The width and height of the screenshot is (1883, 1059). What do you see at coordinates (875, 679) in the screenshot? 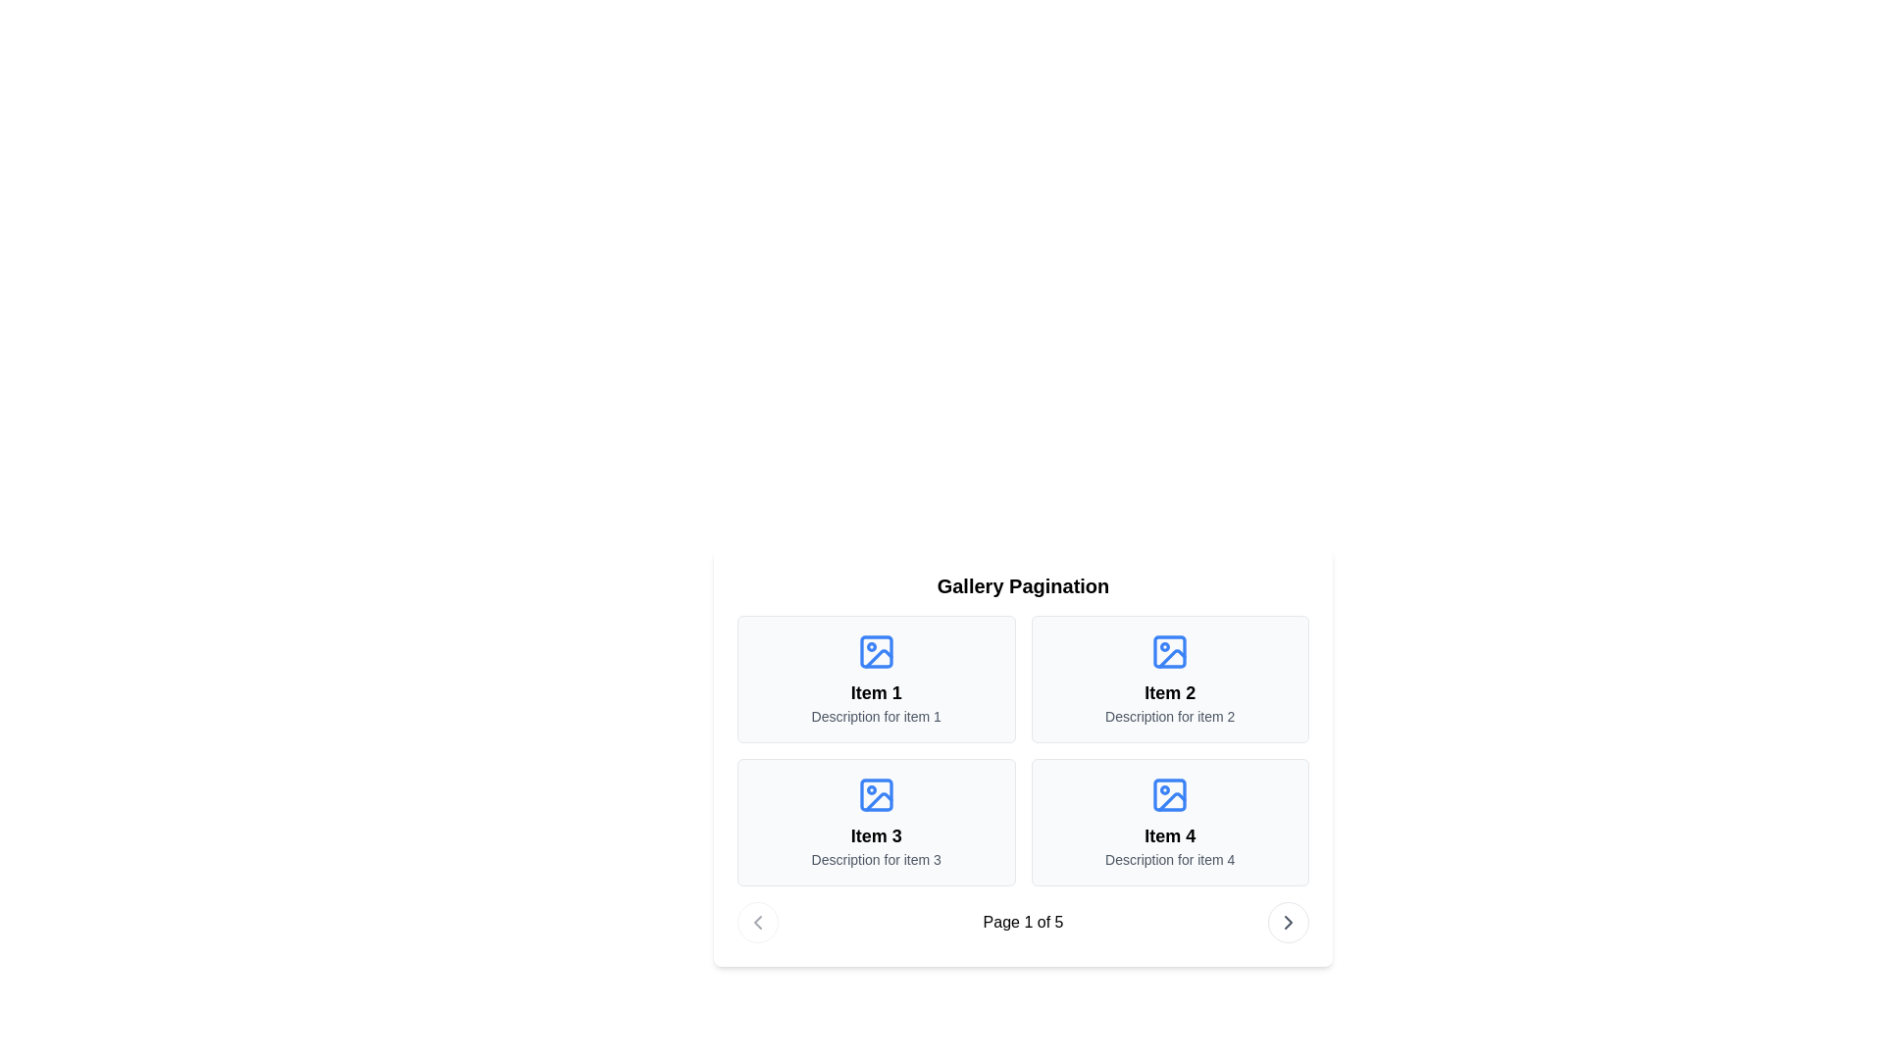
I see `the top-left card in the grid that provides information related to 'Item 1'` at bounding box center [875, 679].